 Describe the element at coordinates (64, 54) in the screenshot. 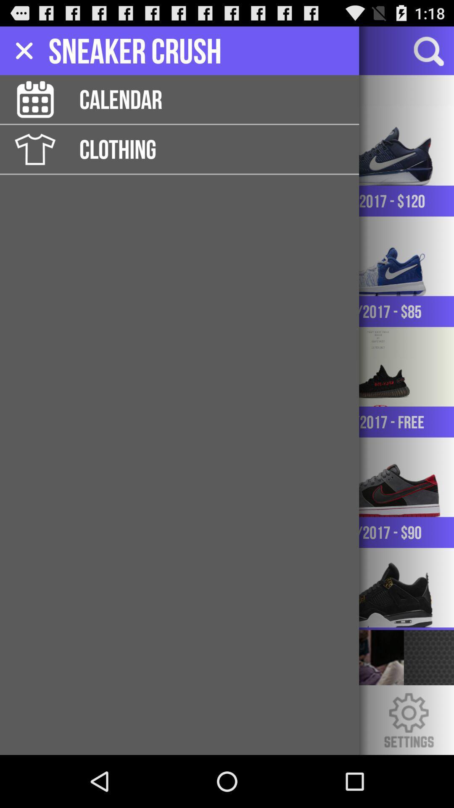

I see `the sliders icon` at that location.